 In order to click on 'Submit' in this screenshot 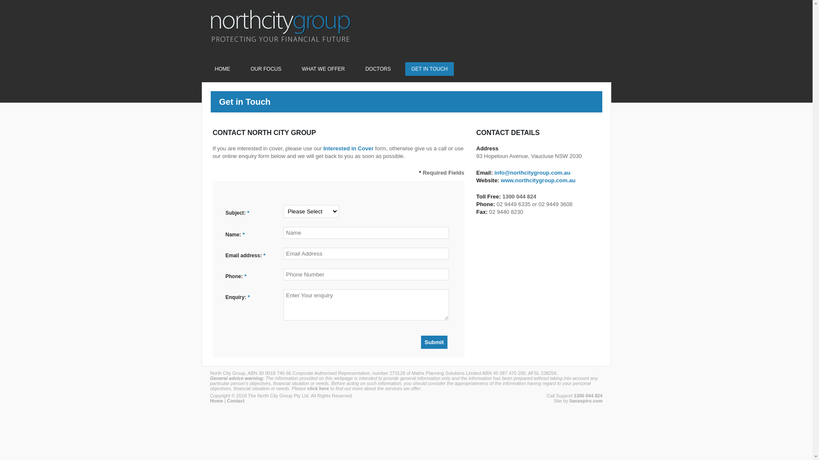, I will do `click(421, 342)`.